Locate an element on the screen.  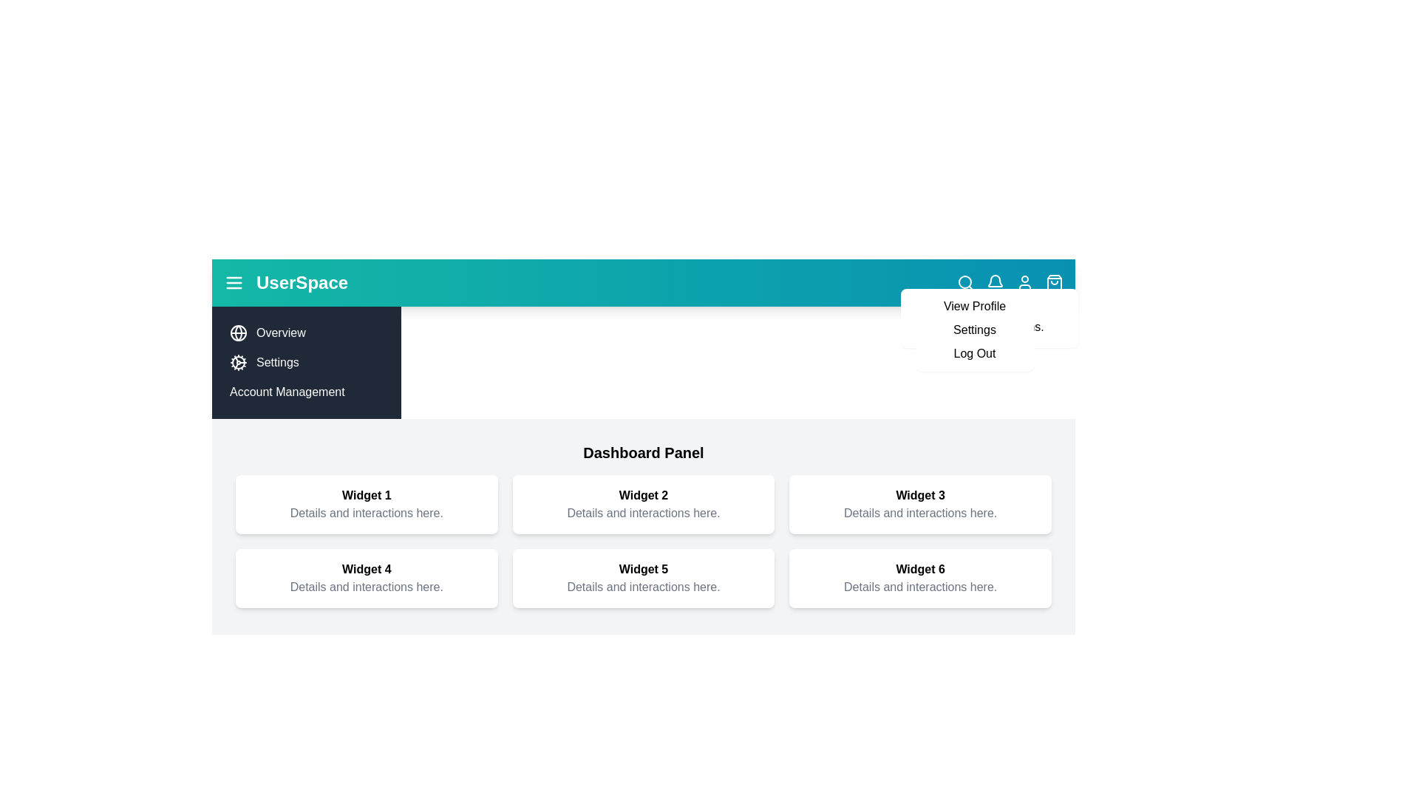
the text label that identifies the card as 'Widget 4', positioned in the second row of the 3x2 grid layout under the 'Dashboard Panel' is located at coordinates (367, 569).